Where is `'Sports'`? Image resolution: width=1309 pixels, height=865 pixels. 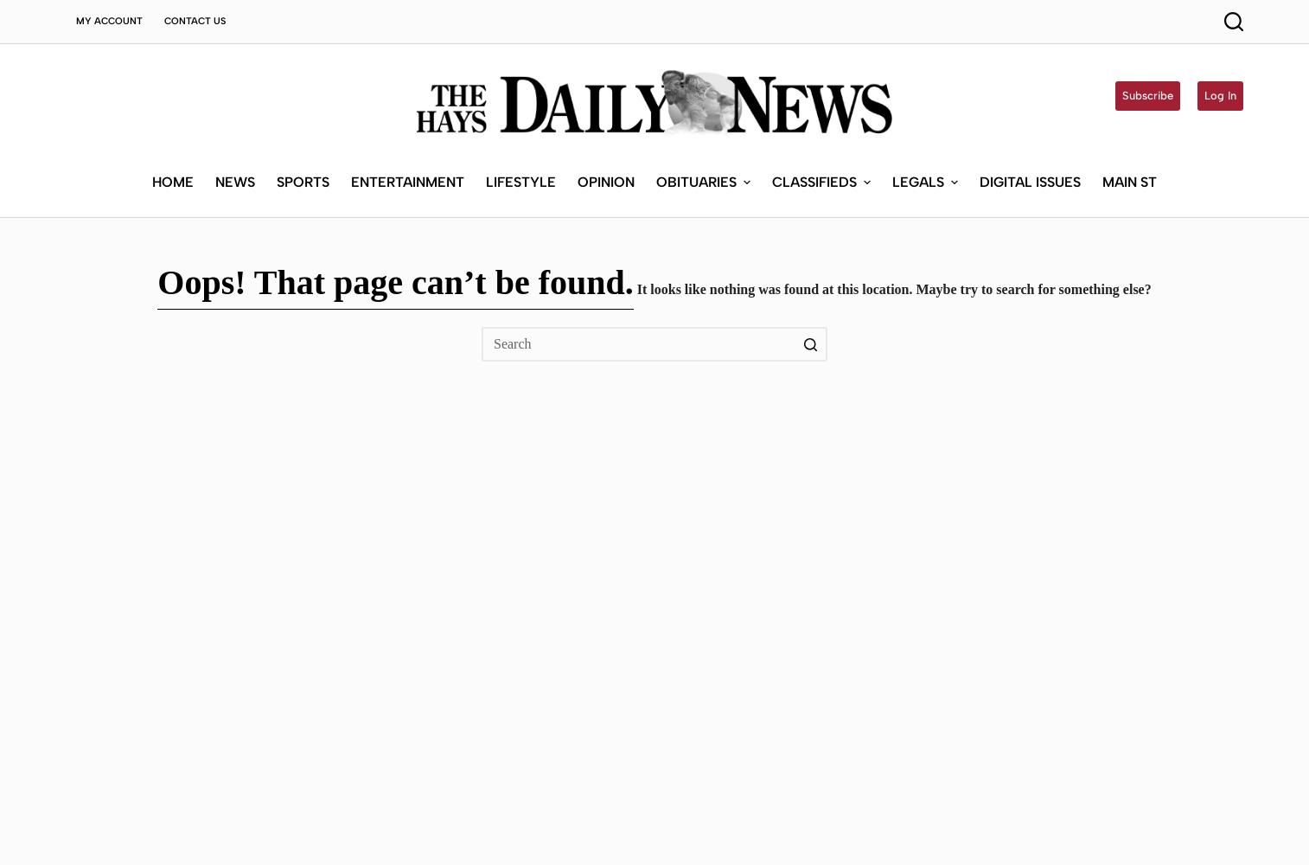
'Sports' is located at coordinates (301, 180).